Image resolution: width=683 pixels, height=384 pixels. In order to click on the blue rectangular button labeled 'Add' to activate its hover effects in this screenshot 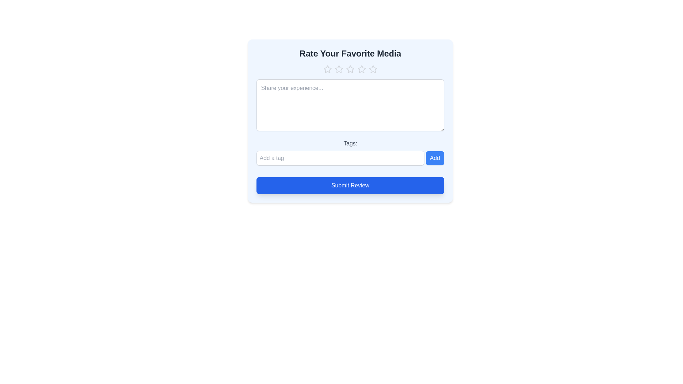, I will do `click(434, 158)`.